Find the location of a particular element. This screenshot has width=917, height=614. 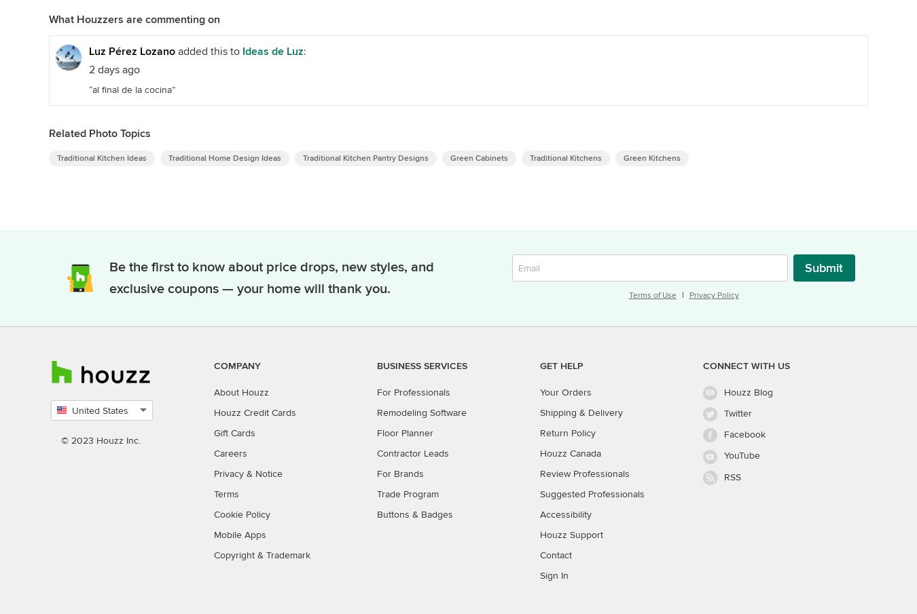

'Suggested Professionals' is located at coordinates (592, 493).